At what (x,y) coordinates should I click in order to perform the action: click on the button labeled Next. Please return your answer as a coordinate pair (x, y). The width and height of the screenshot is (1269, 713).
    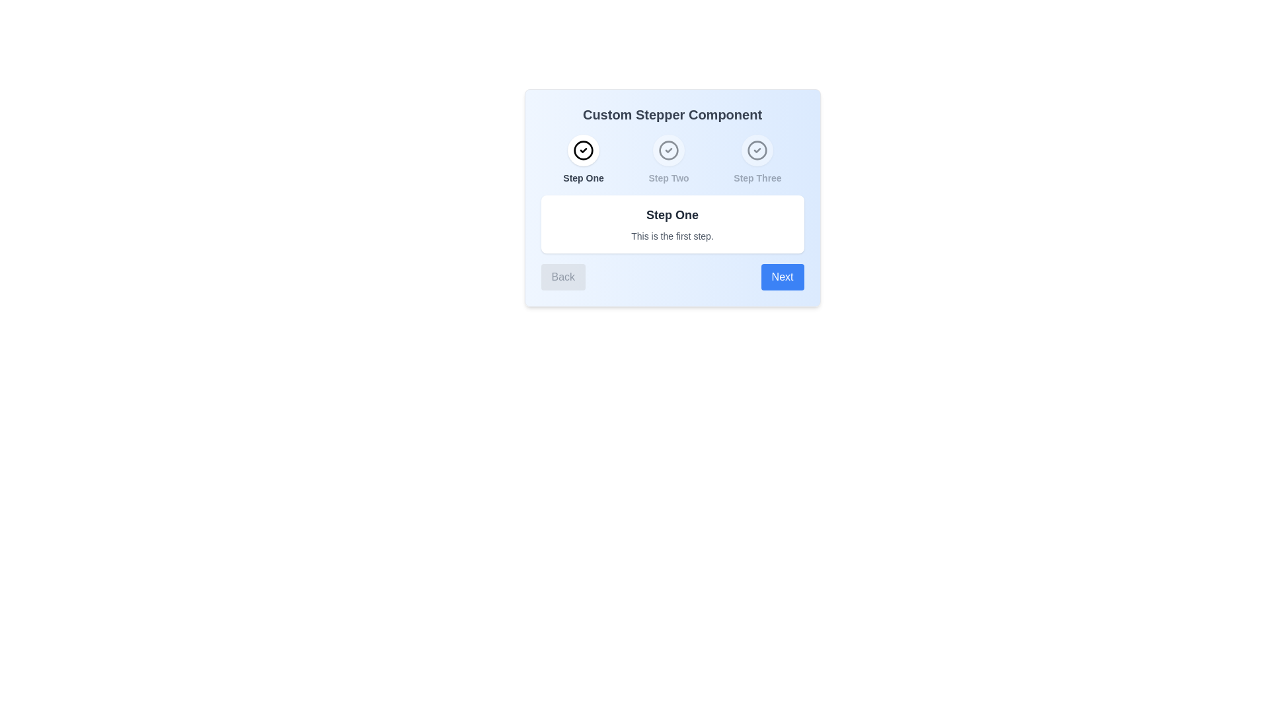
    Looking at the image, I should click on (783, 277).